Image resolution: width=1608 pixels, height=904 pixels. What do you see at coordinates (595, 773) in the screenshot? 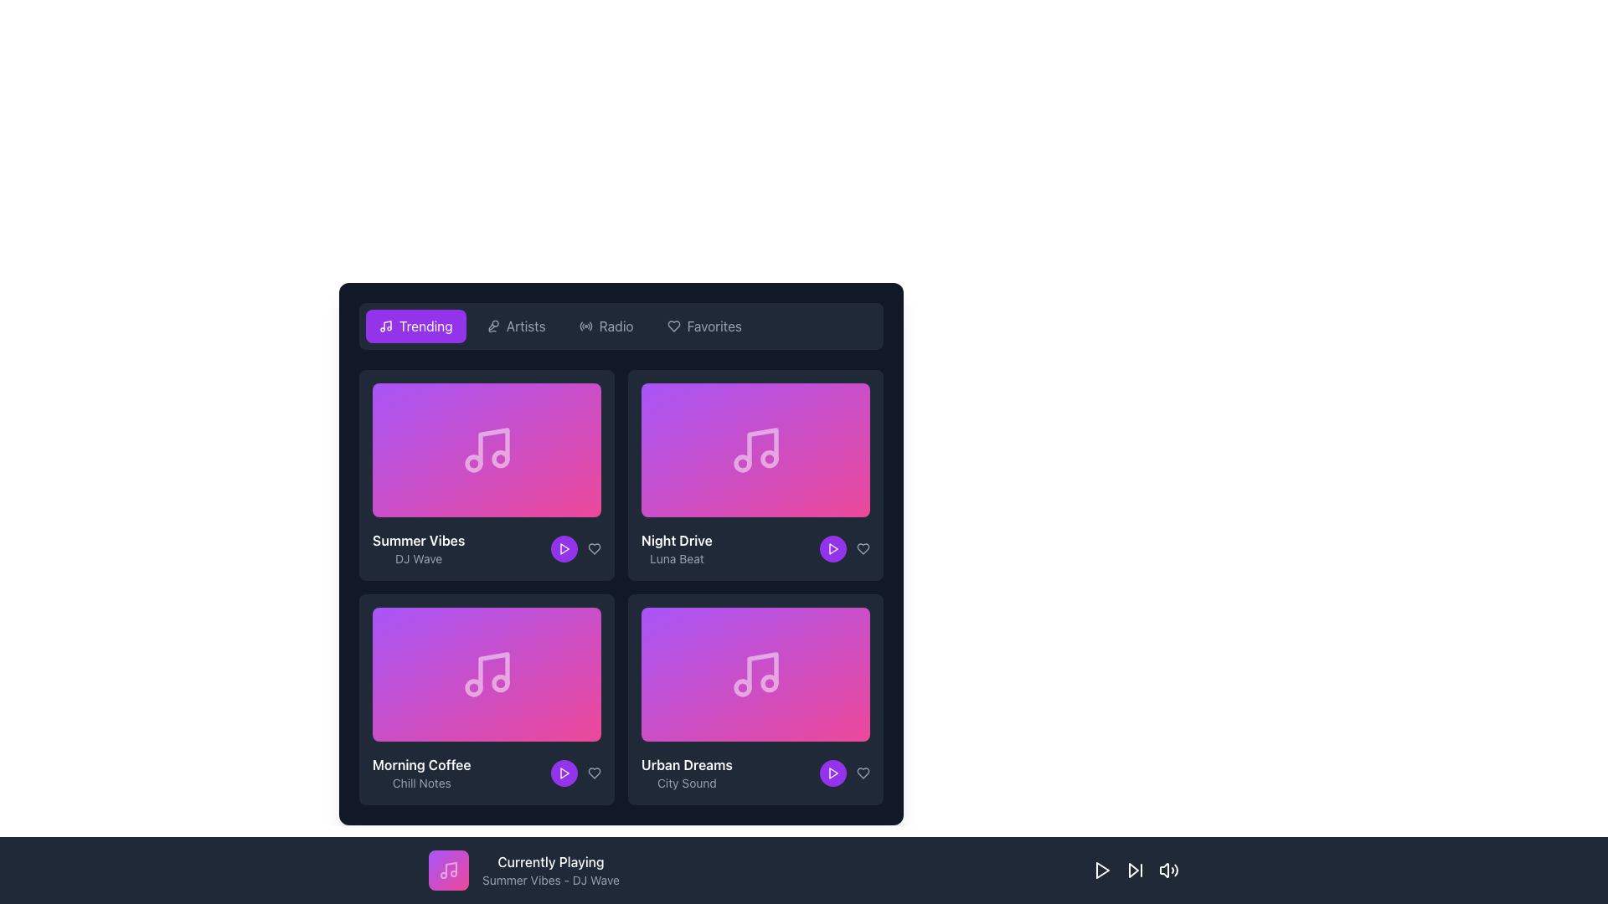
I see `the heart icon, which is a small SVG button located in the bottom-right vicinity of the 'Urban Dreams' music card` at bounding box center [595, 773].